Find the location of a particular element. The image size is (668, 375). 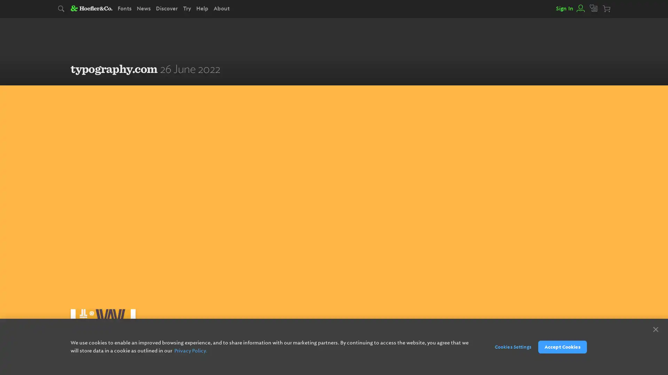

View your account is located at coordinates (580, 8).